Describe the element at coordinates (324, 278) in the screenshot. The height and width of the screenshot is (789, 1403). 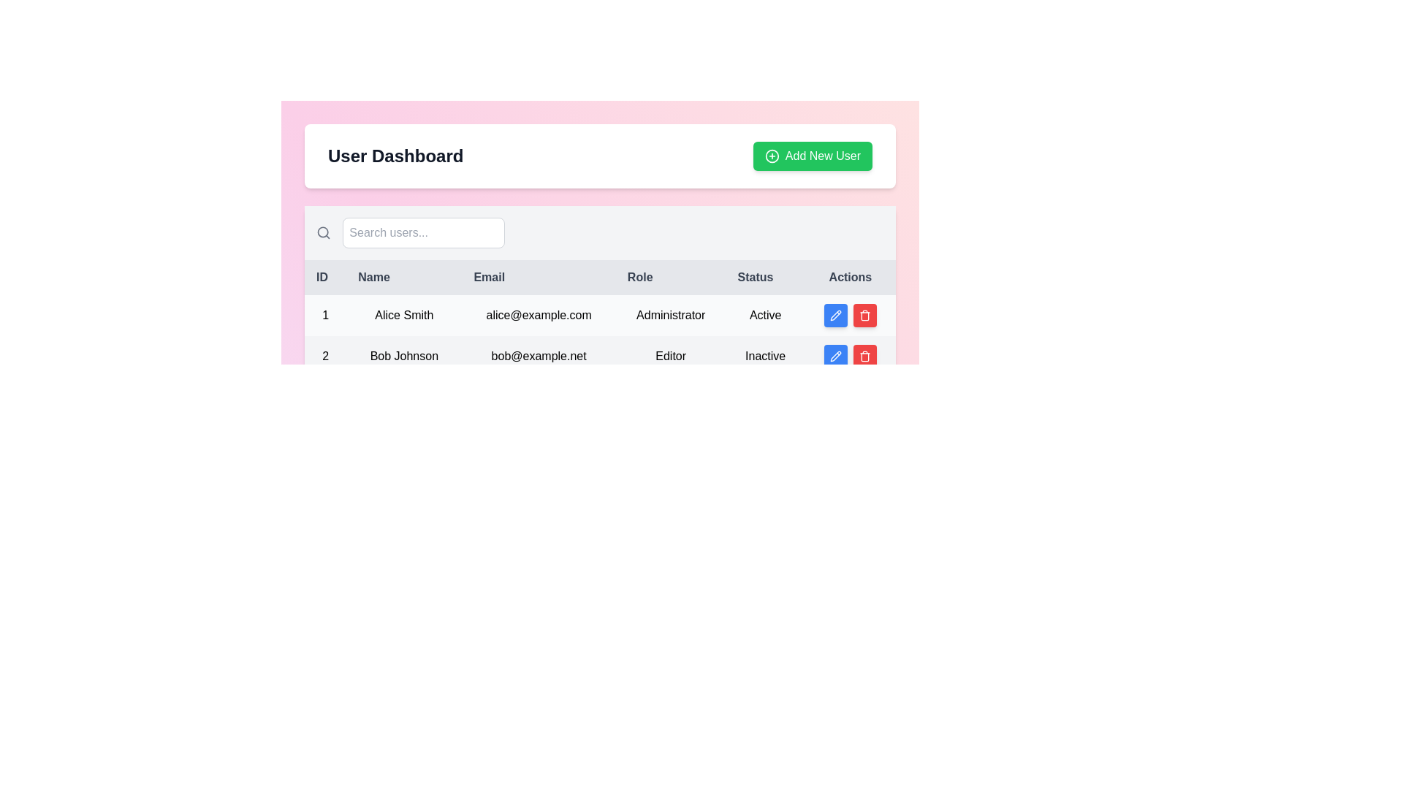
I see `the first column header text label that represents unique identifiers (IDs) in the table layout` at that location.